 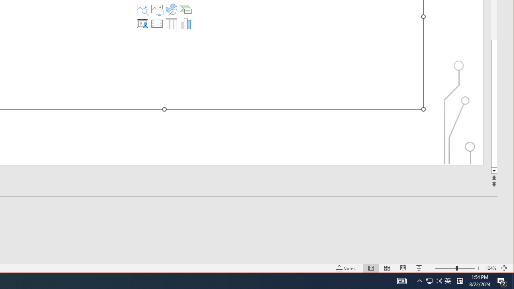 I want to click on 'Insert an Icon', so click(x=171, y=9).